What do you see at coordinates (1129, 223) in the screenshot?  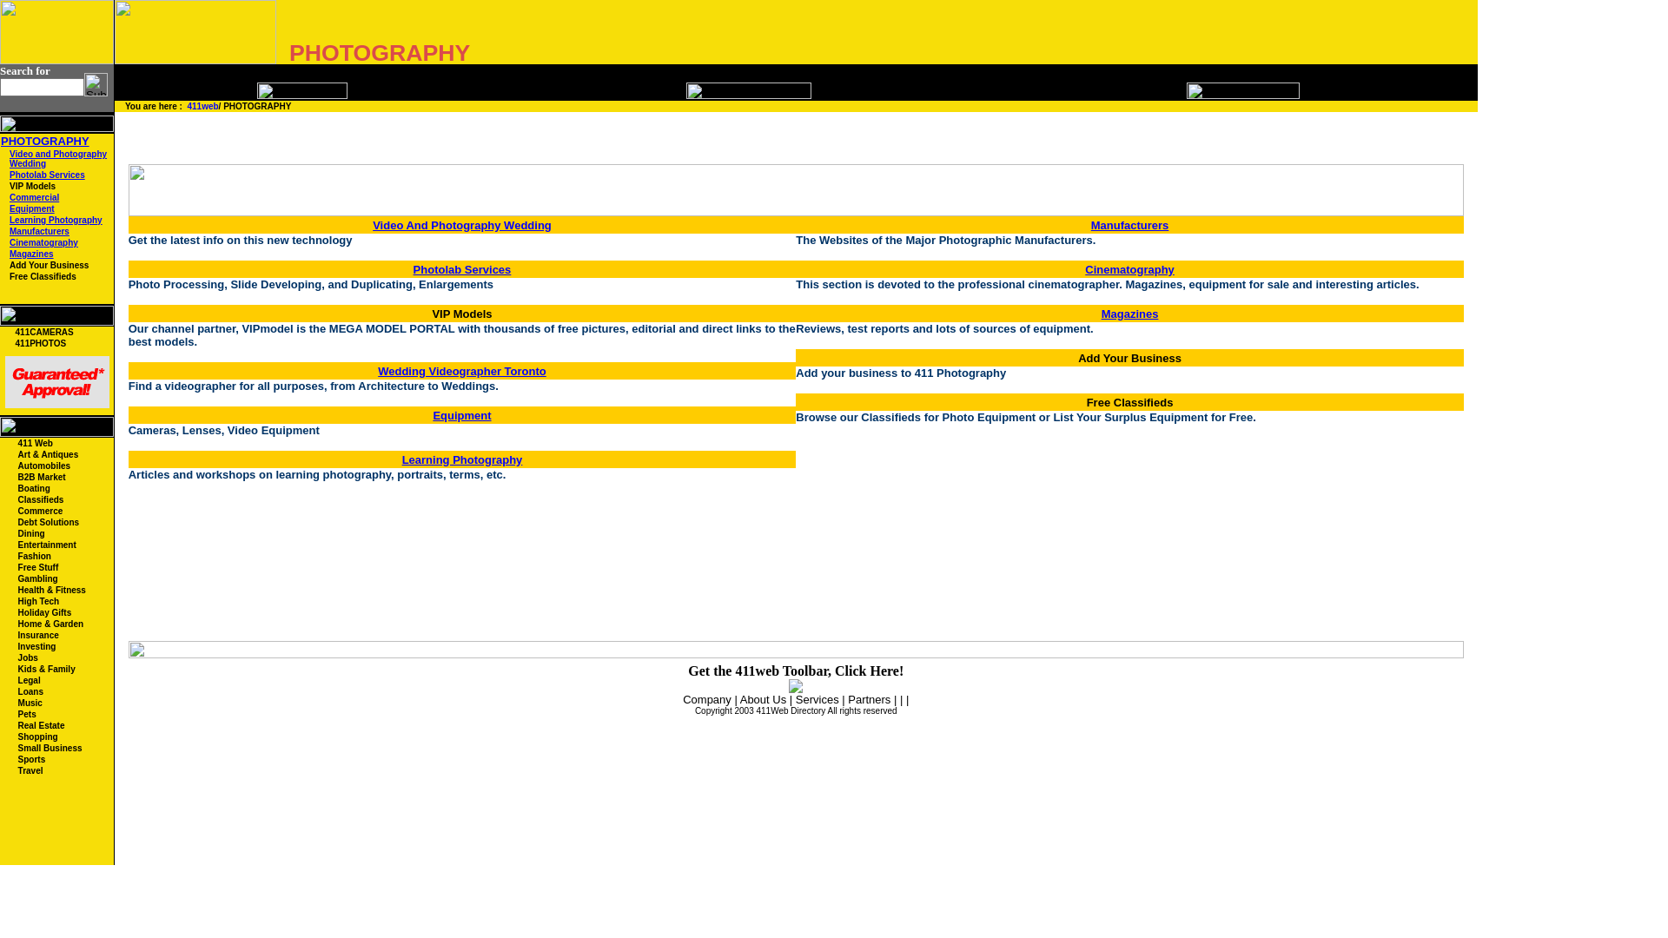 I see `'Manufacturers'` at bounding box center [1129, 223].